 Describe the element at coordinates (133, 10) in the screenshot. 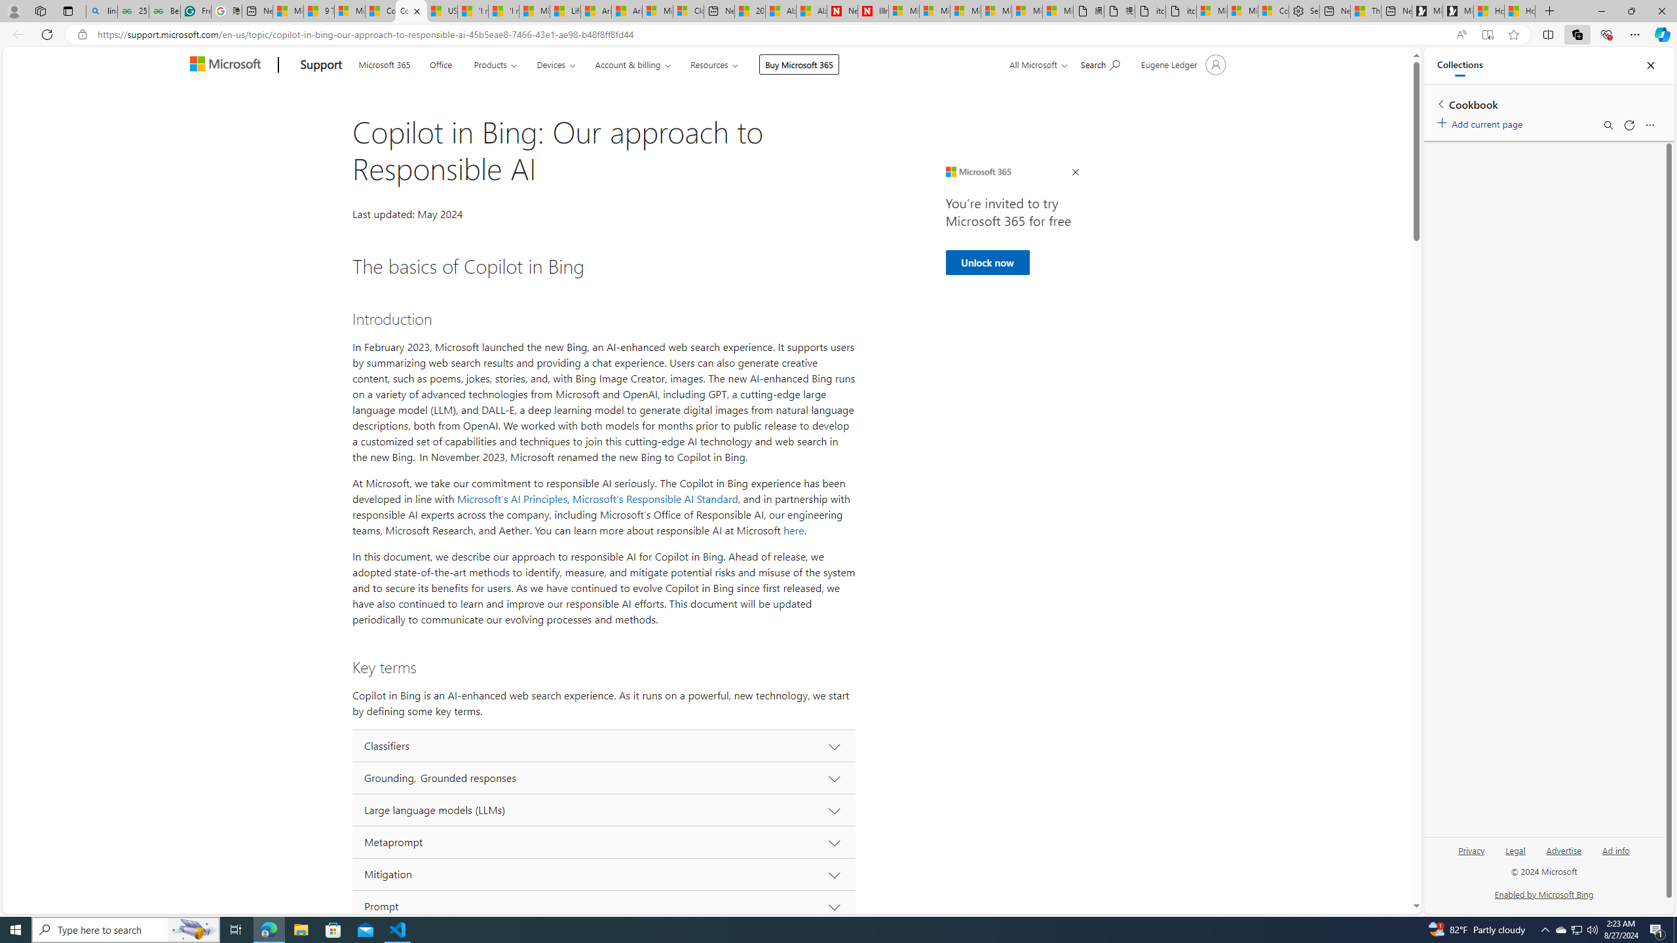

I see `'25 Basic Linux Commands For Beginners - GeeksforGeeks'` at that location.